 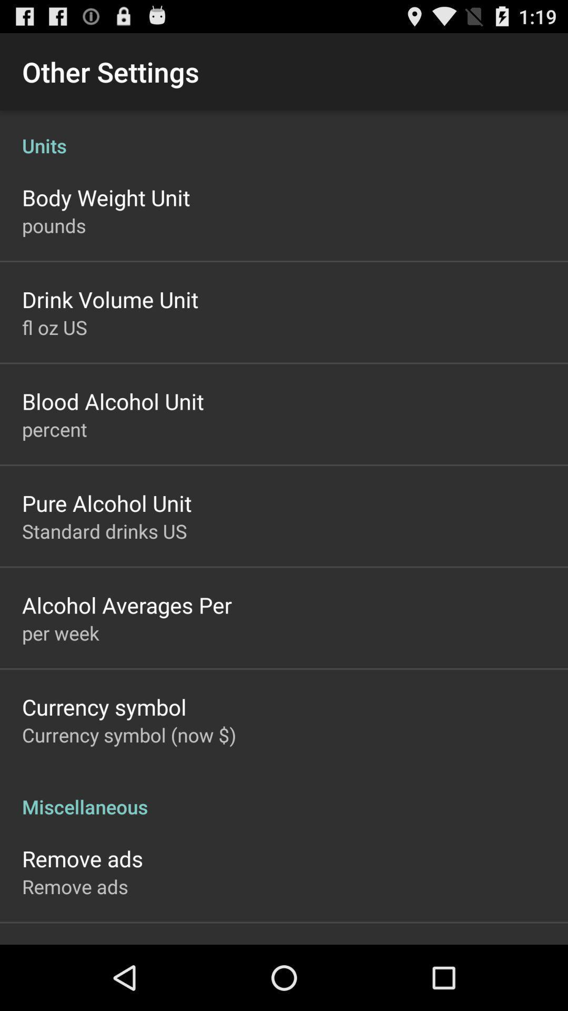 I want to click on item above remove ads icon, so click(x=284, y=796).